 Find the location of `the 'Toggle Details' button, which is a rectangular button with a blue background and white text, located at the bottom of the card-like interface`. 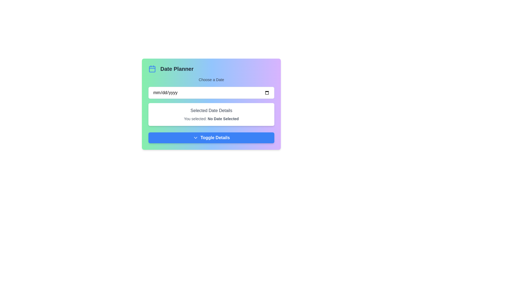

the 'Toggle Details' button, which is a rectangular button with a blue background and white text, located at the bottom of the card-like interface is located at coordinates (211, 138).